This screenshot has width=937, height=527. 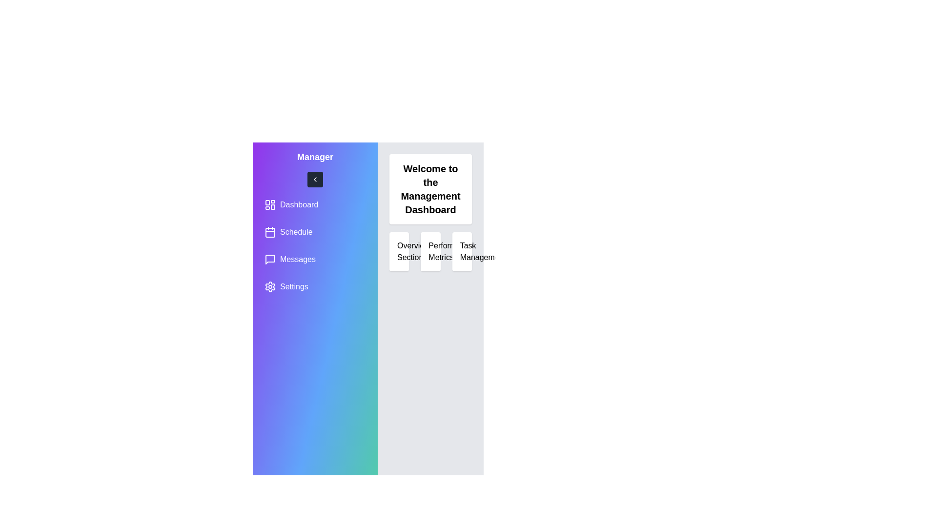 I want to click on the 'Overview Section' informational card located in the first column of the dashboard interface, positioned to the left of the 'Performance Metrics' and 'Task Management' elements, so click(x=399, y=251).